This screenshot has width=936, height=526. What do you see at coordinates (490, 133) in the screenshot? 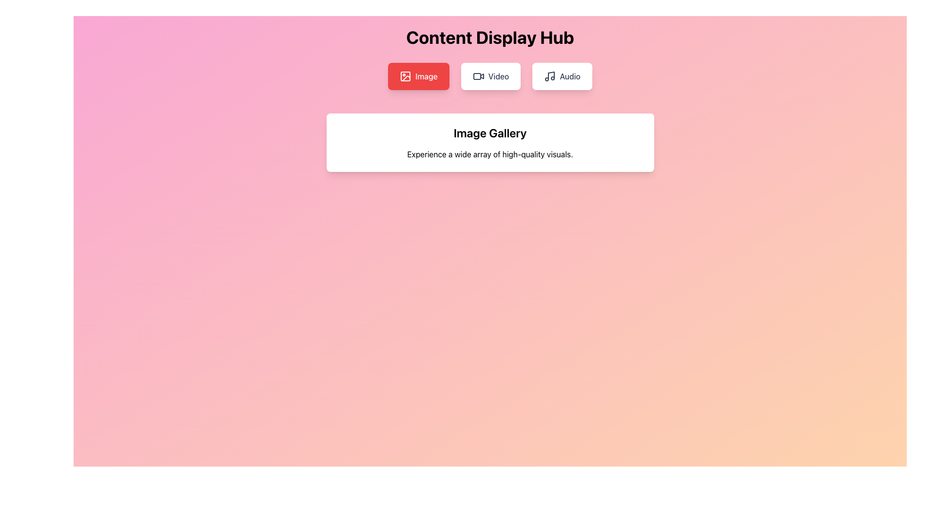
I see `the header text 'Image Gallery' which is styled in a large bold font and centrally aligned on a white card-like section` at bounding box center [490, 133].